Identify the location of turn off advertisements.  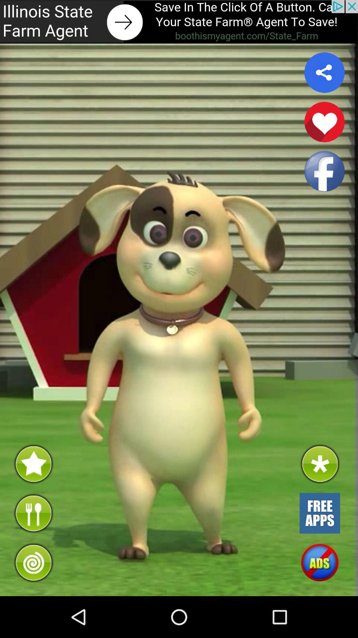
(319, 562).